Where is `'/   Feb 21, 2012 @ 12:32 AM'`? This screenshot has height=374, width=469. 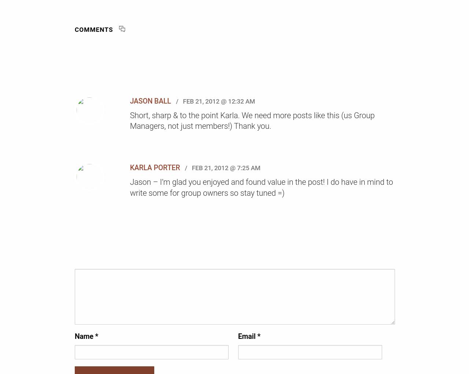
'/   Feb 21, 2012 @ 12:32 AM' is located at coordinates (213, 101).